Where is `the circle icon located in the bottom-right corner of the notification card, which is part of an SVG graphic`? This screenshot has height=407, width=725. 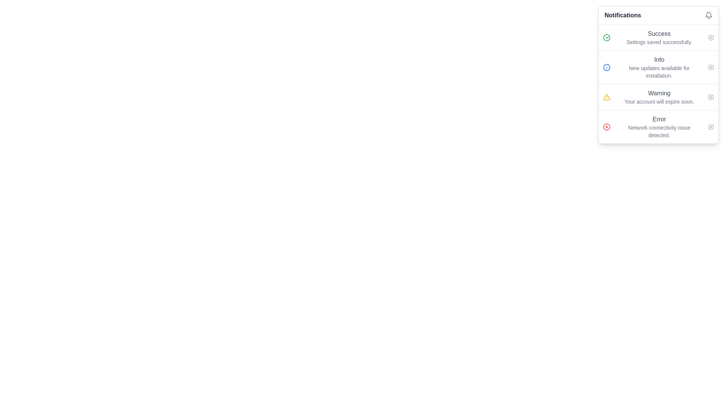
the circle icon located in the bottom-right corner of the notification card, which is part of an SVG graphic is located at coordinates (710, 126).